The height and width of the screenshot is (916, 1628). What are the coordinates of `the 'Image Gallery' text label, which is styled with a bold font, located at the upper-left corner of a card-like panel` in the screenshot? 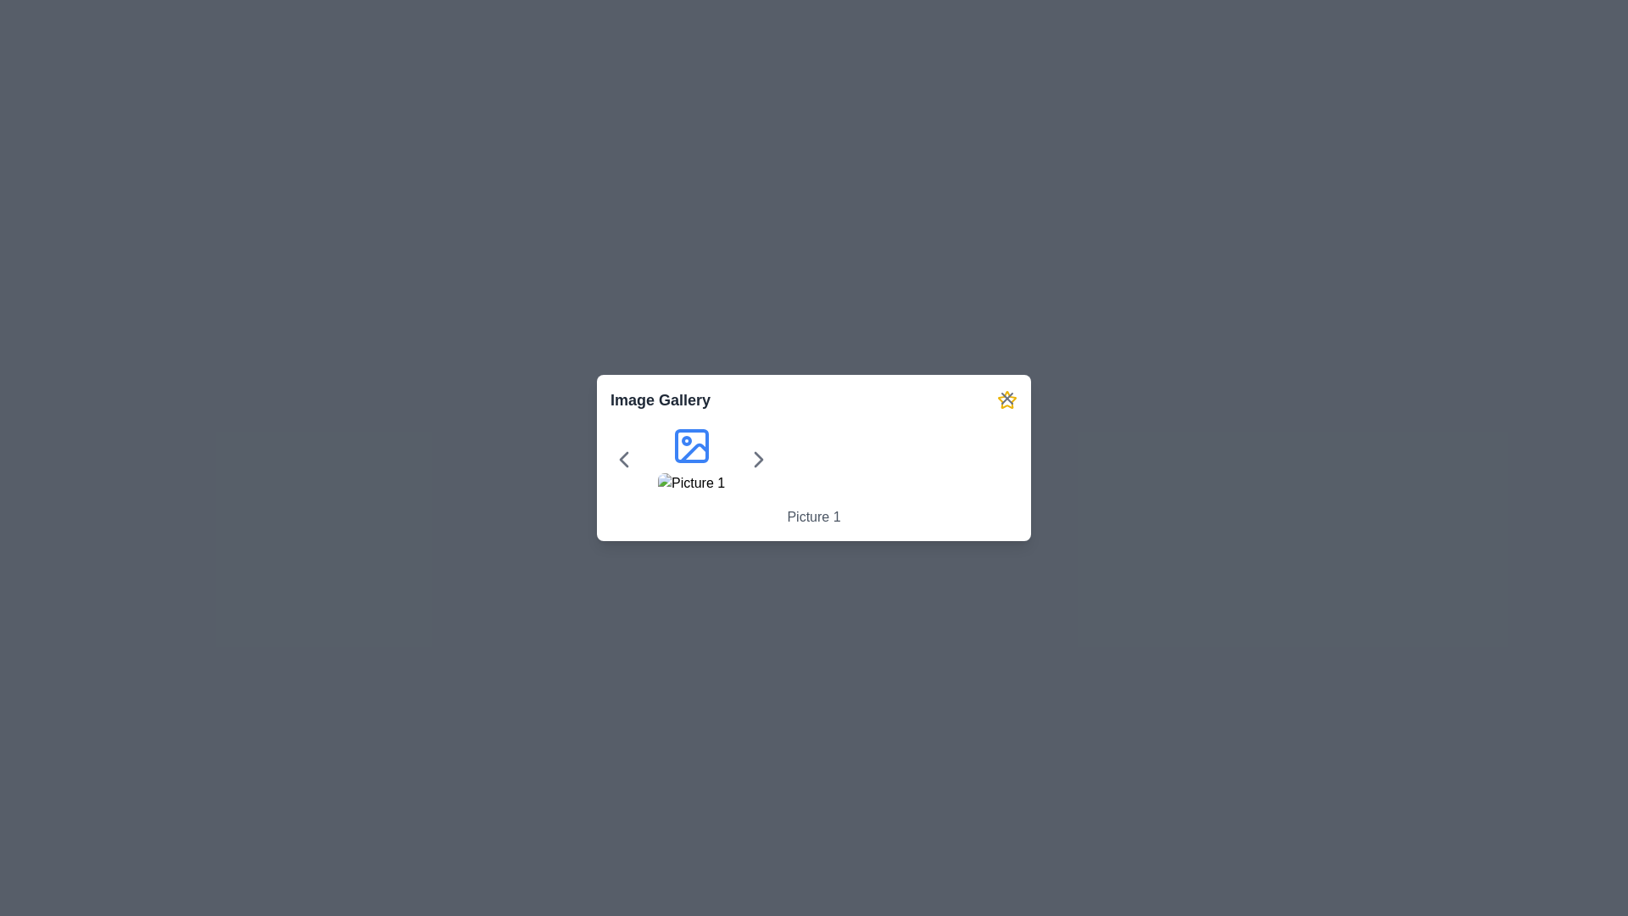 It's located at (659, 399).